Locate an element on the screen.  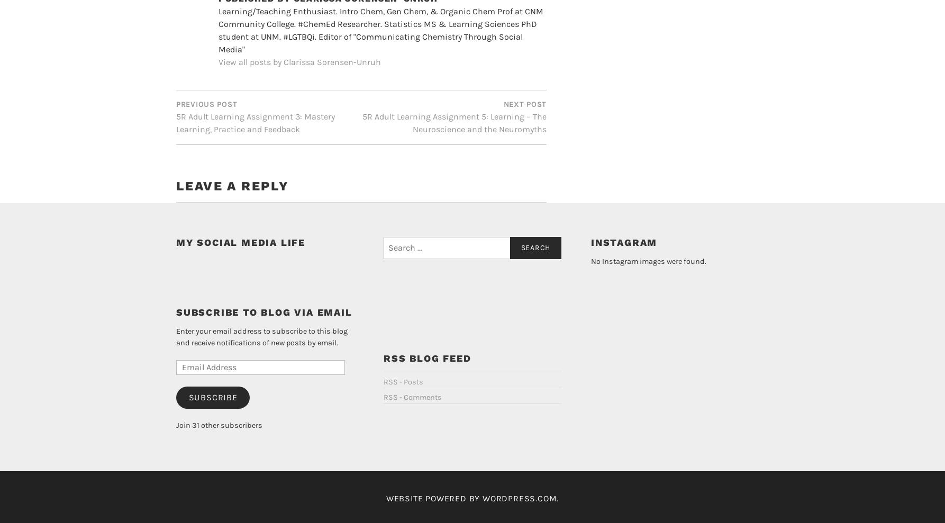
'Leave a Reply' is located at coordinates (232, 168).